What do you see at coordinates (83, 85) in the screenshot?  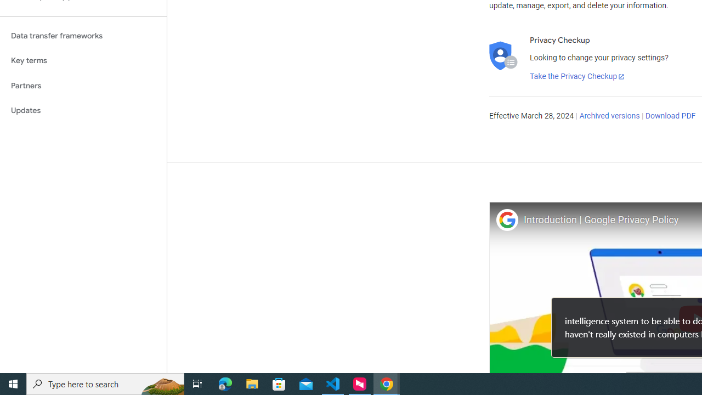 I see `'Partners'` at bounding box center [83, 85].